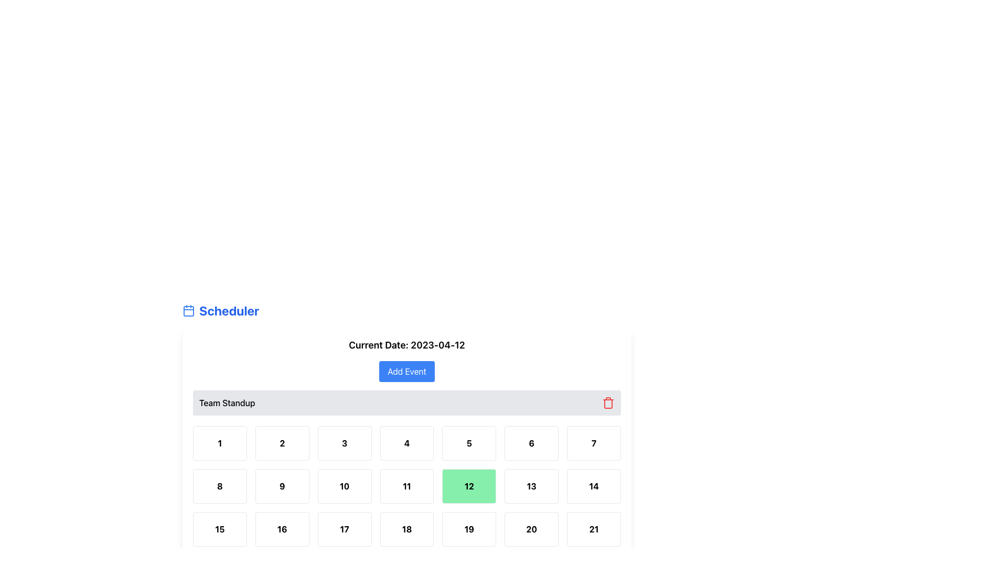 This screenshot has width=1007, height=566. What do you see at coordinates (406, 443) in the screenshot?
I see `the calendar cell representing the number 4 in the 'Team Standup' grid, located in the top row and between the numbers 3 and 5` at bounding box center [406, 443].